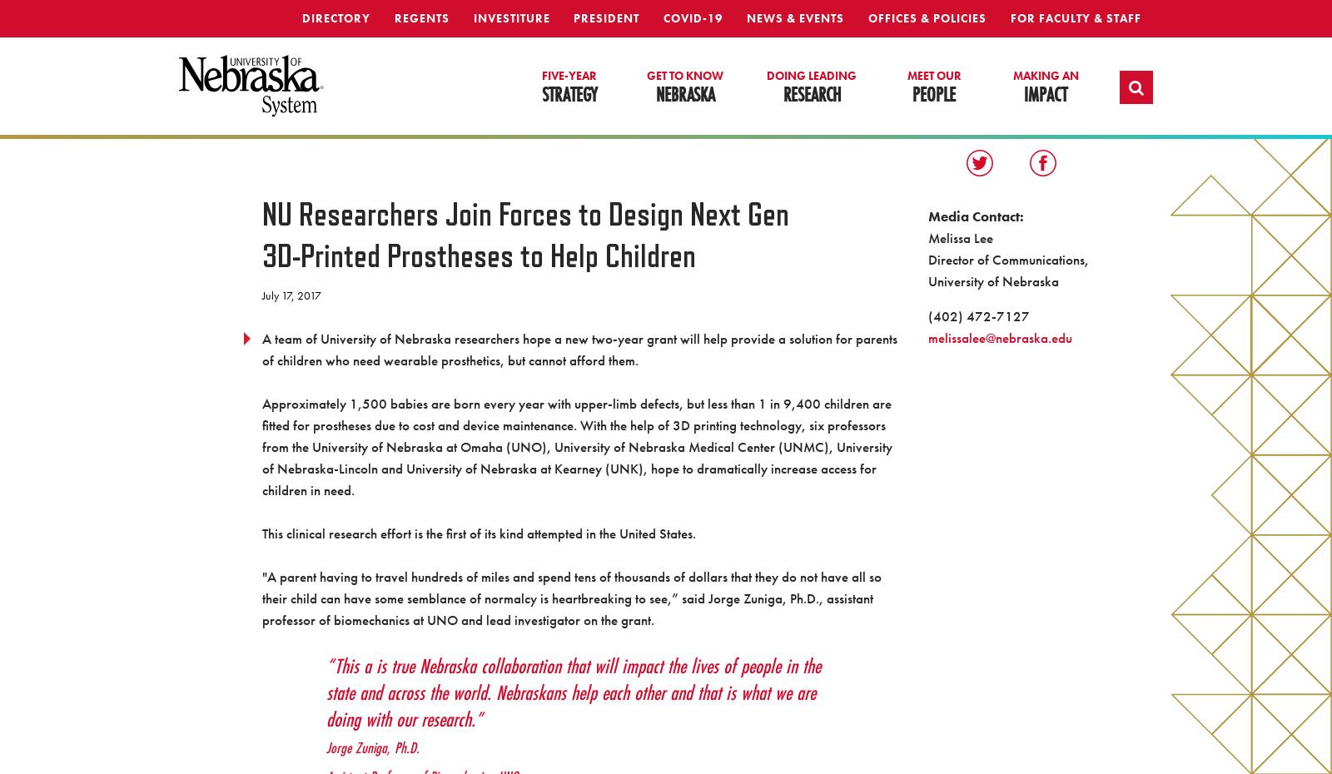 The height and width of the screenshot is (774, 1332). I want to click on 'A team of University of Nebraska researchers hope a new two-year grant will help provide a solution for parents of children who need wearable prosthetics, but cannot afford them.', so click(579, 349).